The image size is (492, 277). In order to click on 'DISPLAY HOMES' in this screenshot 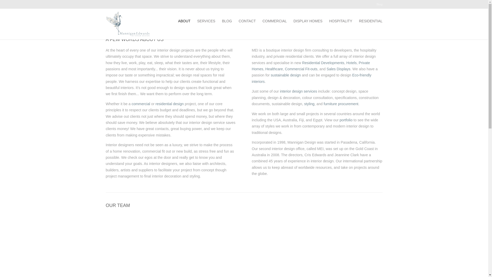, I will do `click(307, 21)`.